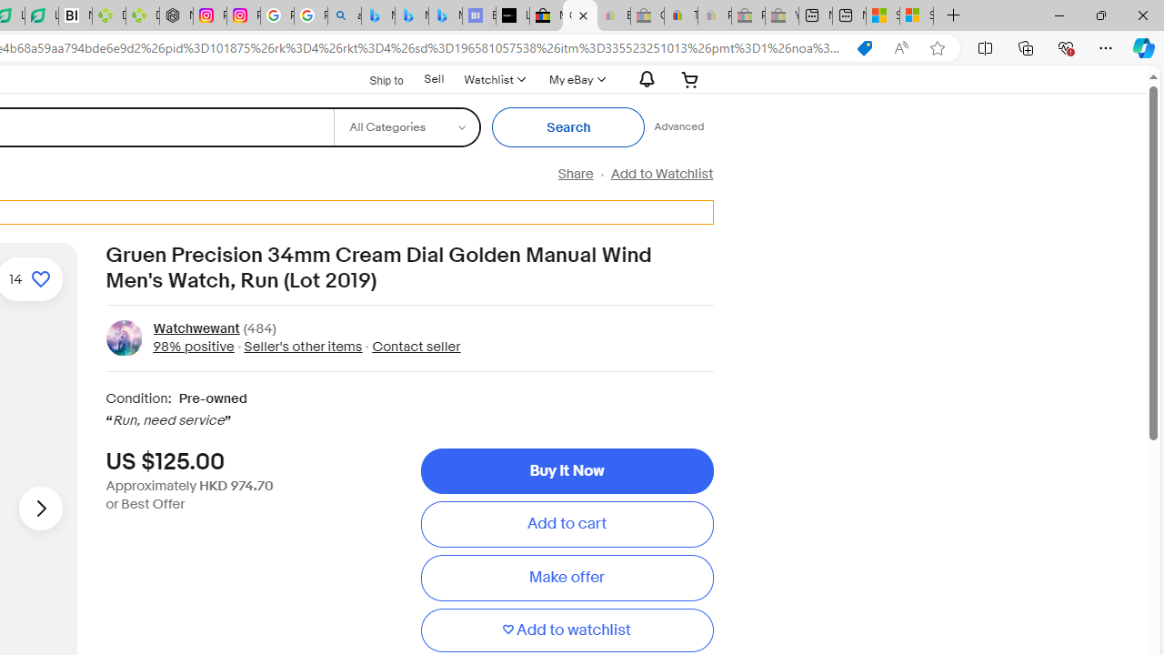 This screenshot has width=1164, height=655. Describe the element at coordinates (689, 78) in the screenshot. I see `'Expand Cart'` at that location.